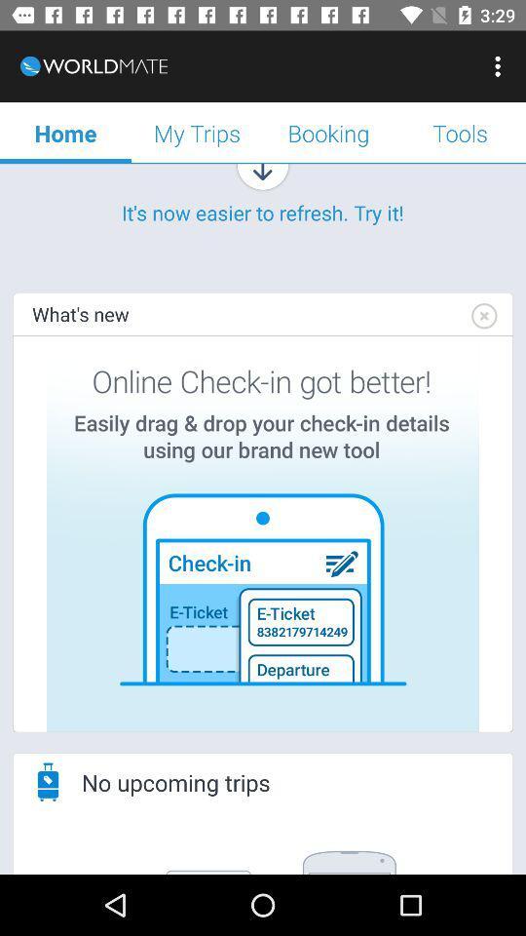  I want to click on icon next to what's new, so click(482, 316).